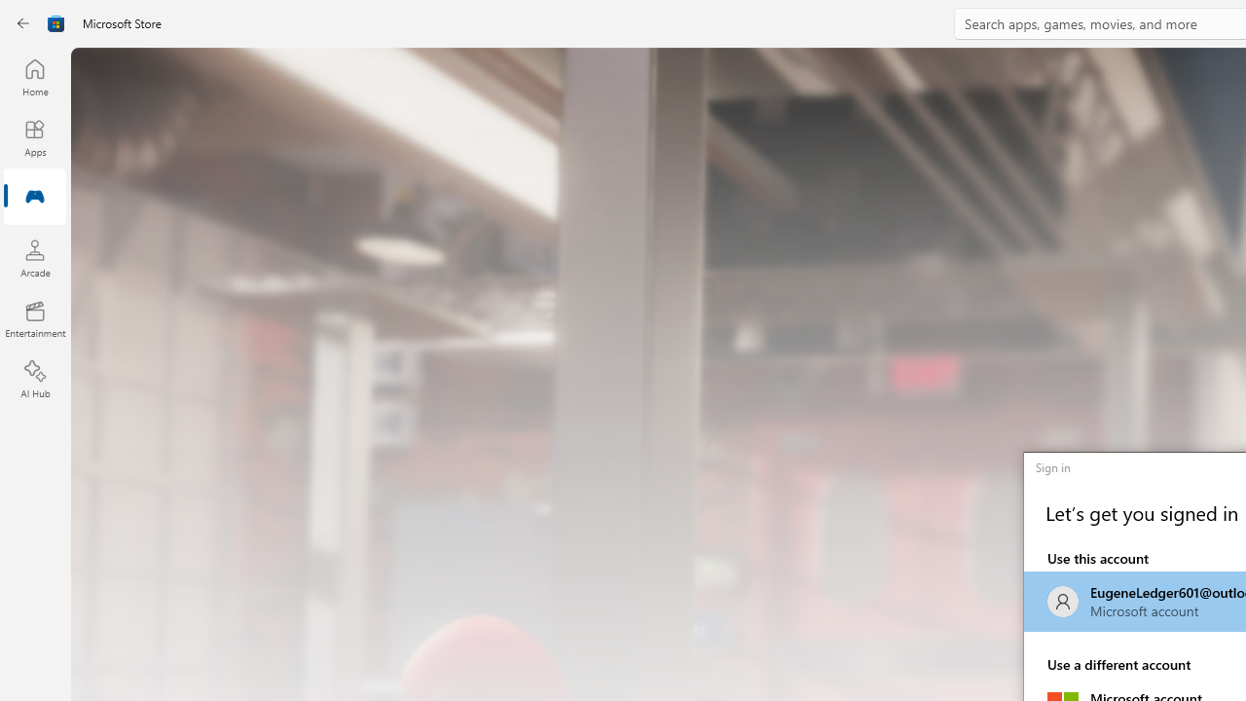  What do you see at coordinates (34, 317) in the screenshot?
I see `'Entertainment'` at bounding box center [34, 317].